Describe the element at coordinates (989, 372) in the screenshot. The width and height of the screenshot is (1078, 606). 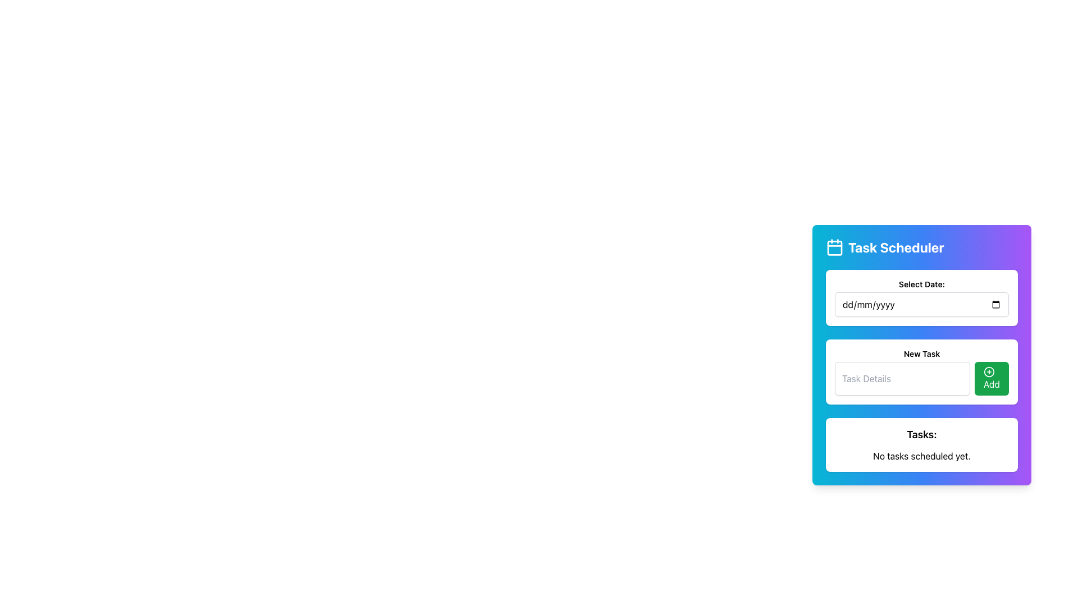
I see `the visual contribution of the SVG Circle element, which is part of the circular-plus icon in the task scheduler interface` at that location.